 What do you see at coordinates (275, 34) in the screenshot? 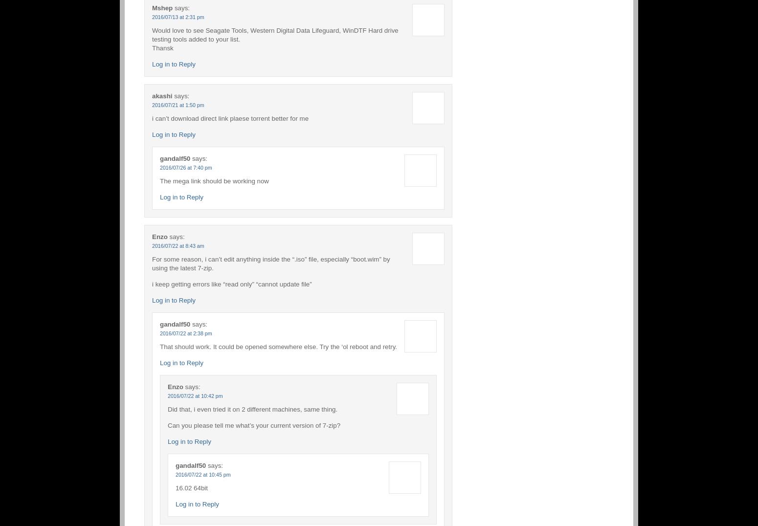
I see `'Would love to see Seagate Tools, Western Digital Data Lifeguard, WinDTF Hard drive testing tools added to your list.'` at bounding box center [275, 34].